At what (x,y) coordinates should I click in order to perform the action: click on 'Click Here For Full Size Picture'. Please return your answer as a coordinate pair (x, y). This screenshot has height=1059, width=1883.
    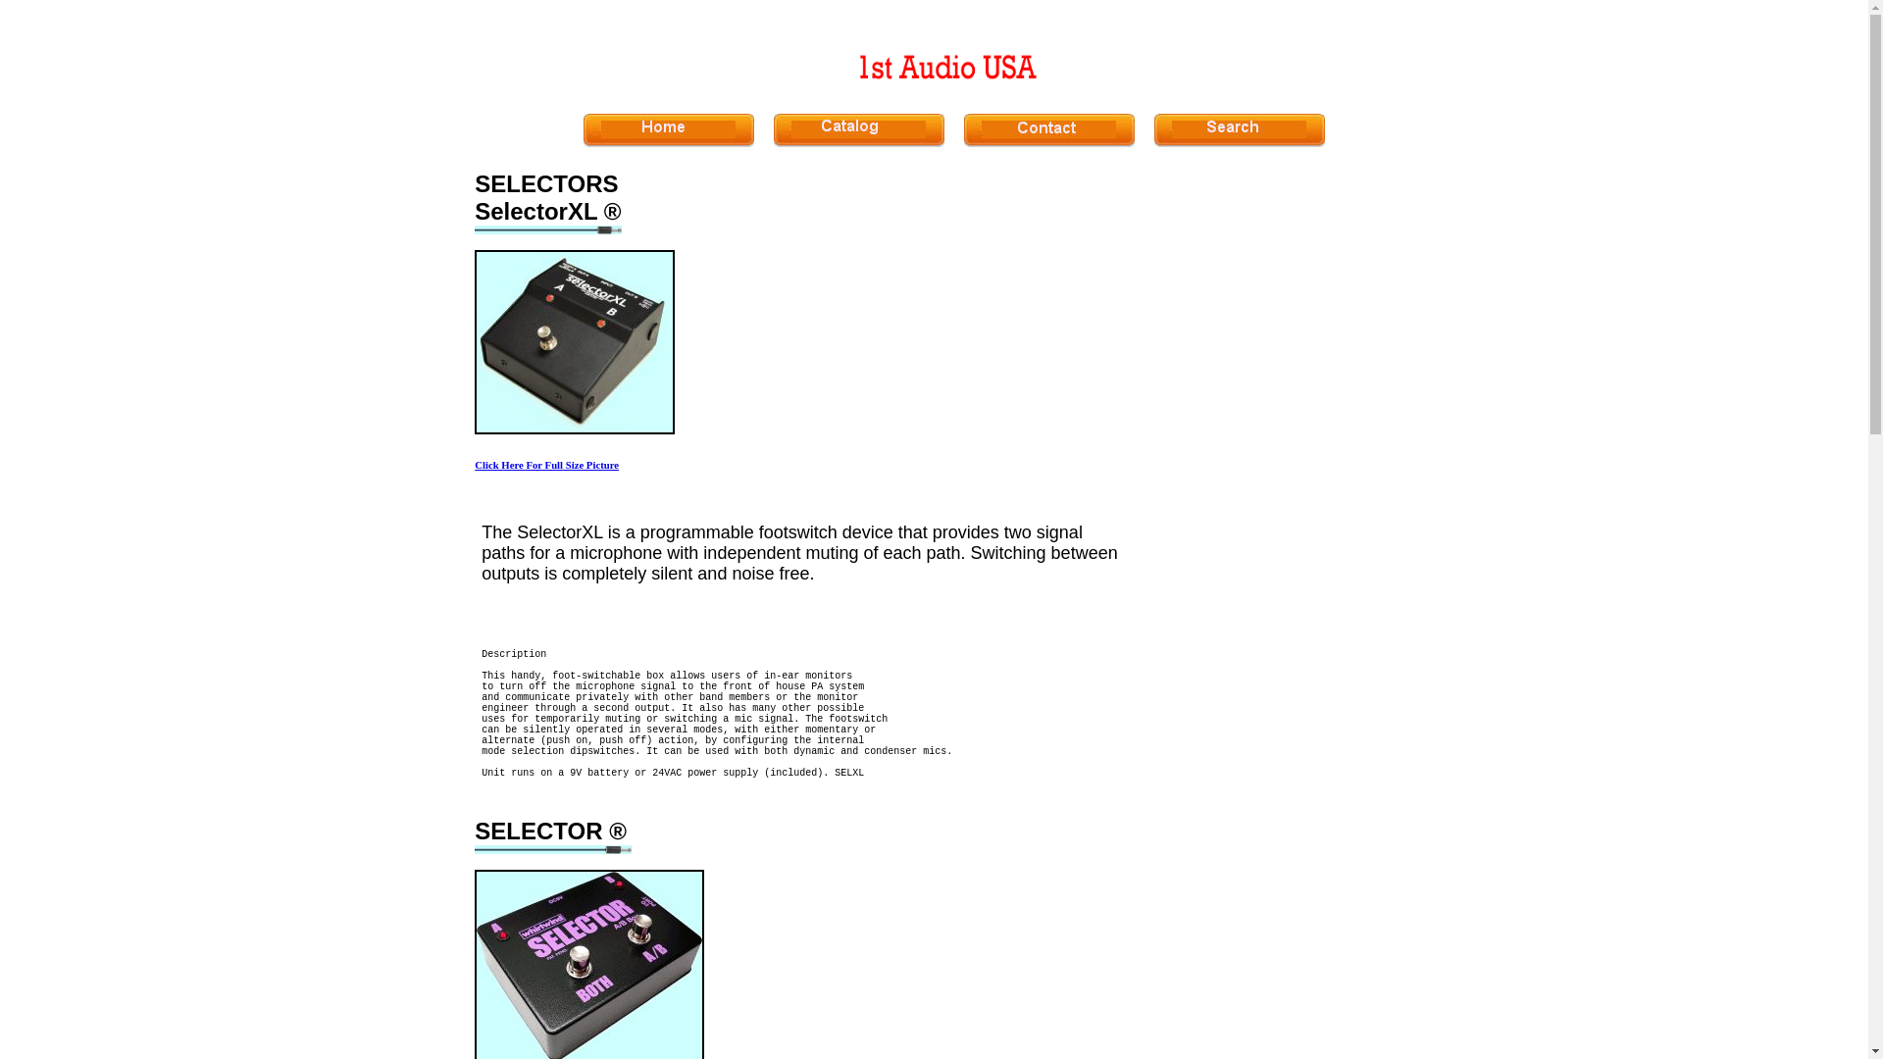
    Looking at the image, I should click on (546, 465).